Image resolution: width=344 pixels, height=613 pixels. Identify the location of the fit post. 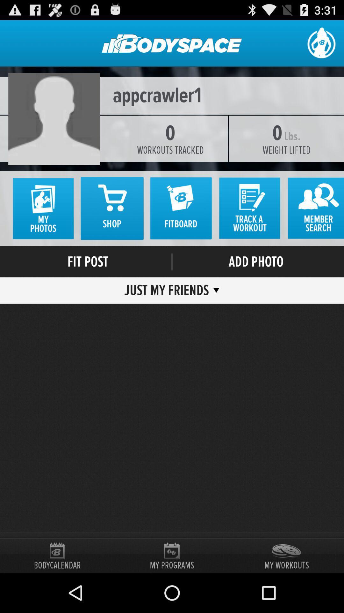
(88, 262).